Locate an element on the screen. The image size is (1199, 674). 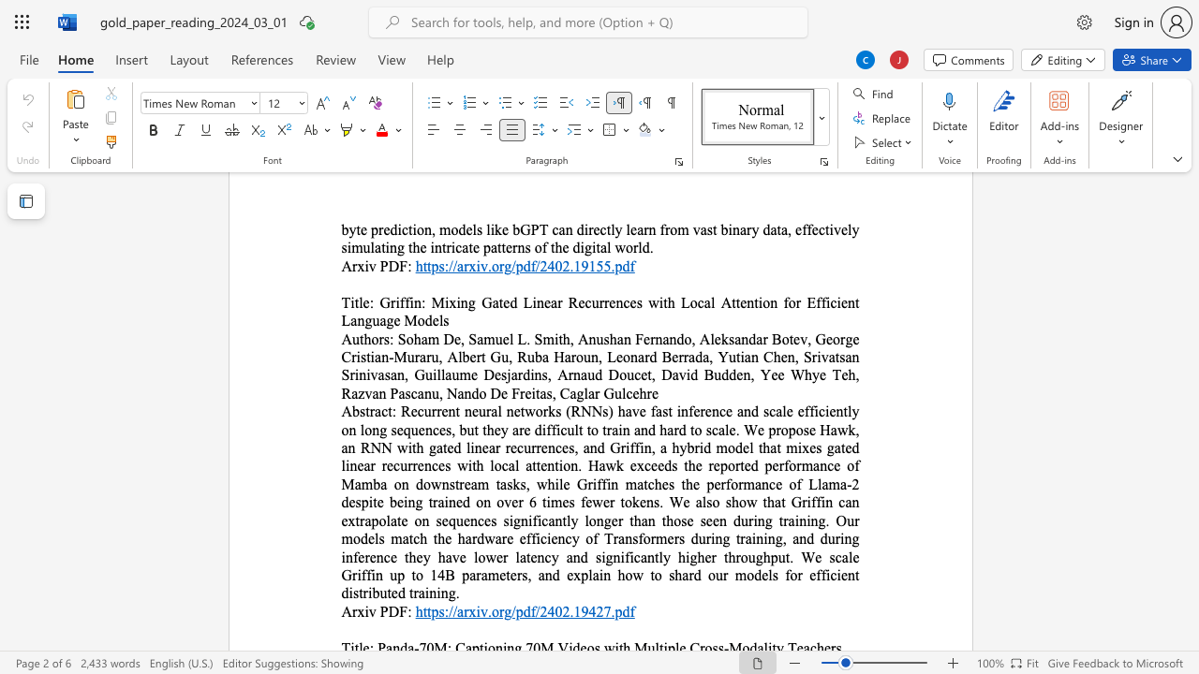
the 25th character "n" in the text is located at coordinates (614, 483).